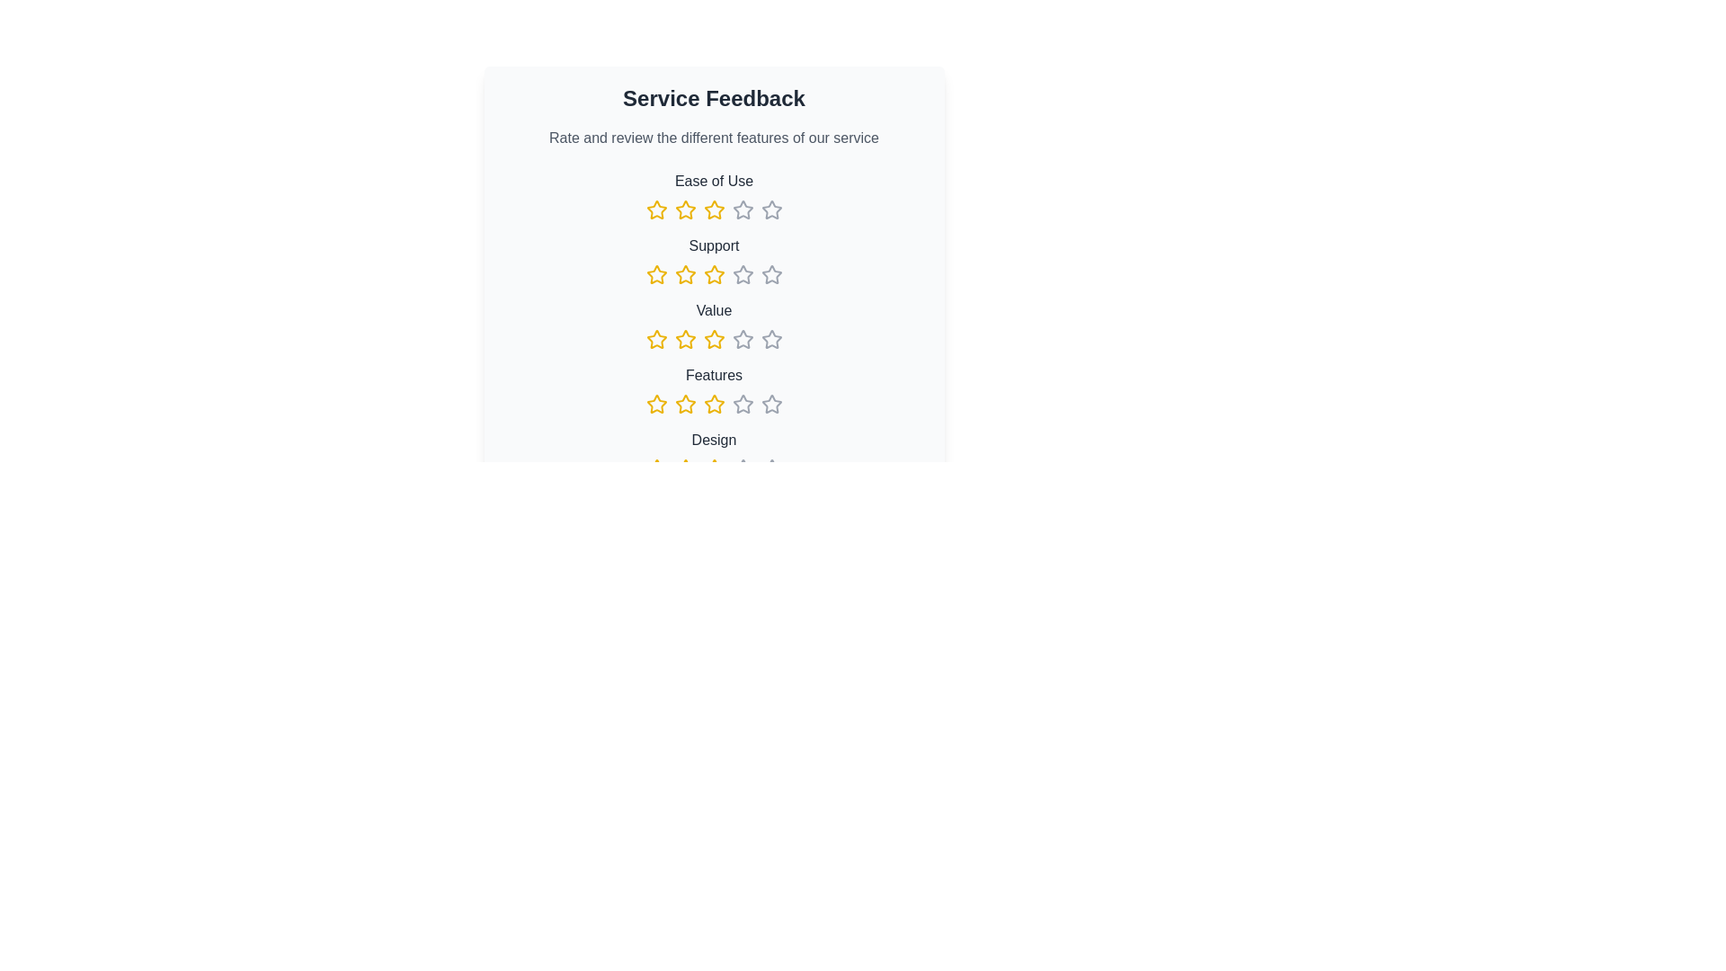 The width and height of the screenshot is (1726, 971). Describe the element at coordinates (713, 340) in the screenshot. I see `the fourth star in the row of five to rate the 'Value' category in the feedback form` at that location.